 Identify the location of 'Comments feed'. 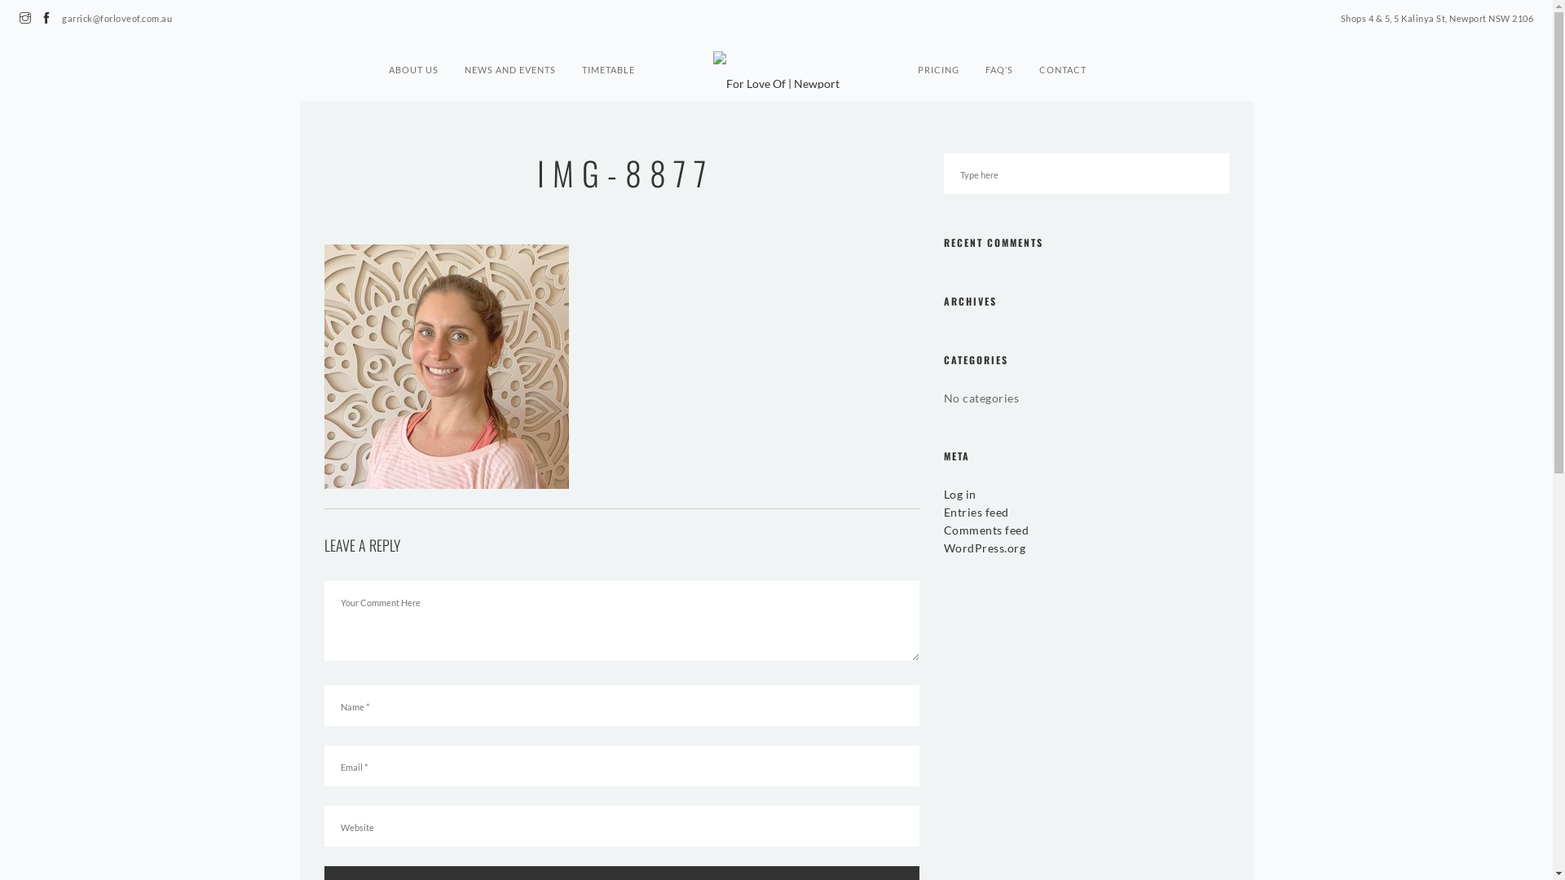
(985, 530).